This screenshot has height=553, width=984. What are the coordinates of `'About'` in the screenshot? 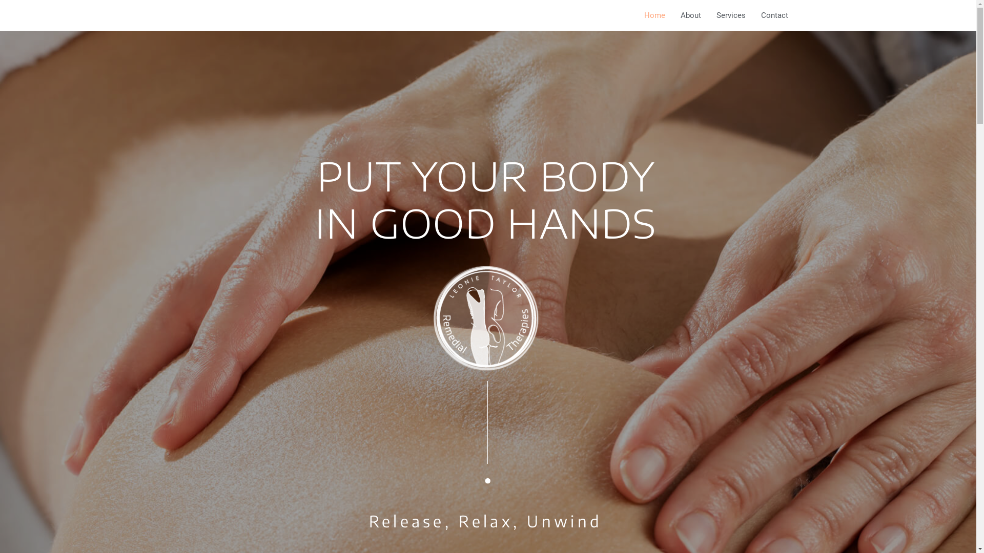 It's located at (672, 15).